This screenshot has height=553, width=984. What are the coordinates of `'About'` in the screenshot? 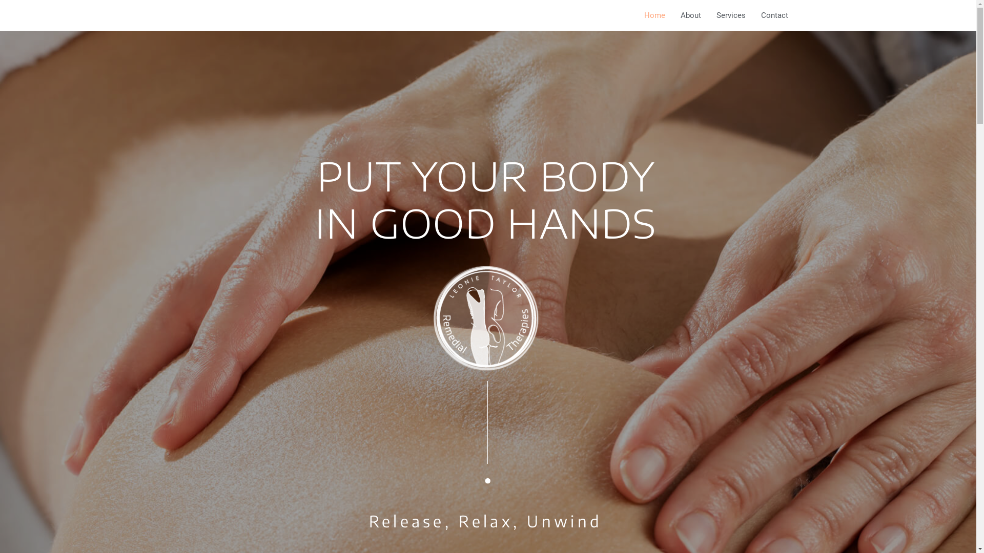 It's located at (672, 15).